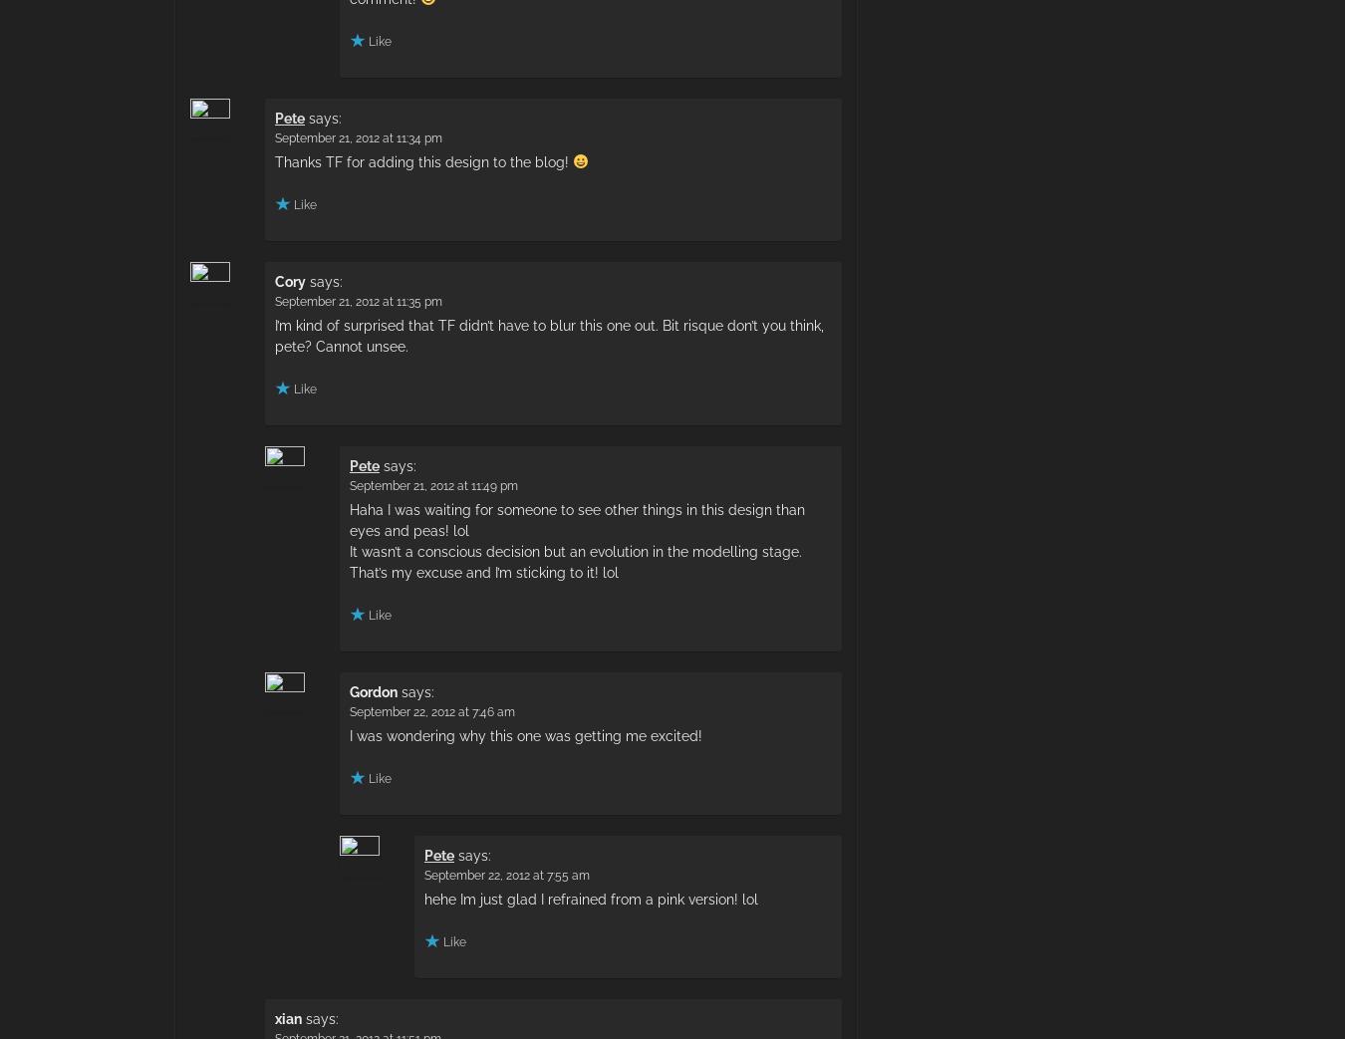 The image size is (1345, 1039). What do you see at coordinates (350, 518) in the screenshot?
I see `'Haha I was waiting for someone to see other things in this design than eyes and peas! lol'` at bounding box center [350, 518].